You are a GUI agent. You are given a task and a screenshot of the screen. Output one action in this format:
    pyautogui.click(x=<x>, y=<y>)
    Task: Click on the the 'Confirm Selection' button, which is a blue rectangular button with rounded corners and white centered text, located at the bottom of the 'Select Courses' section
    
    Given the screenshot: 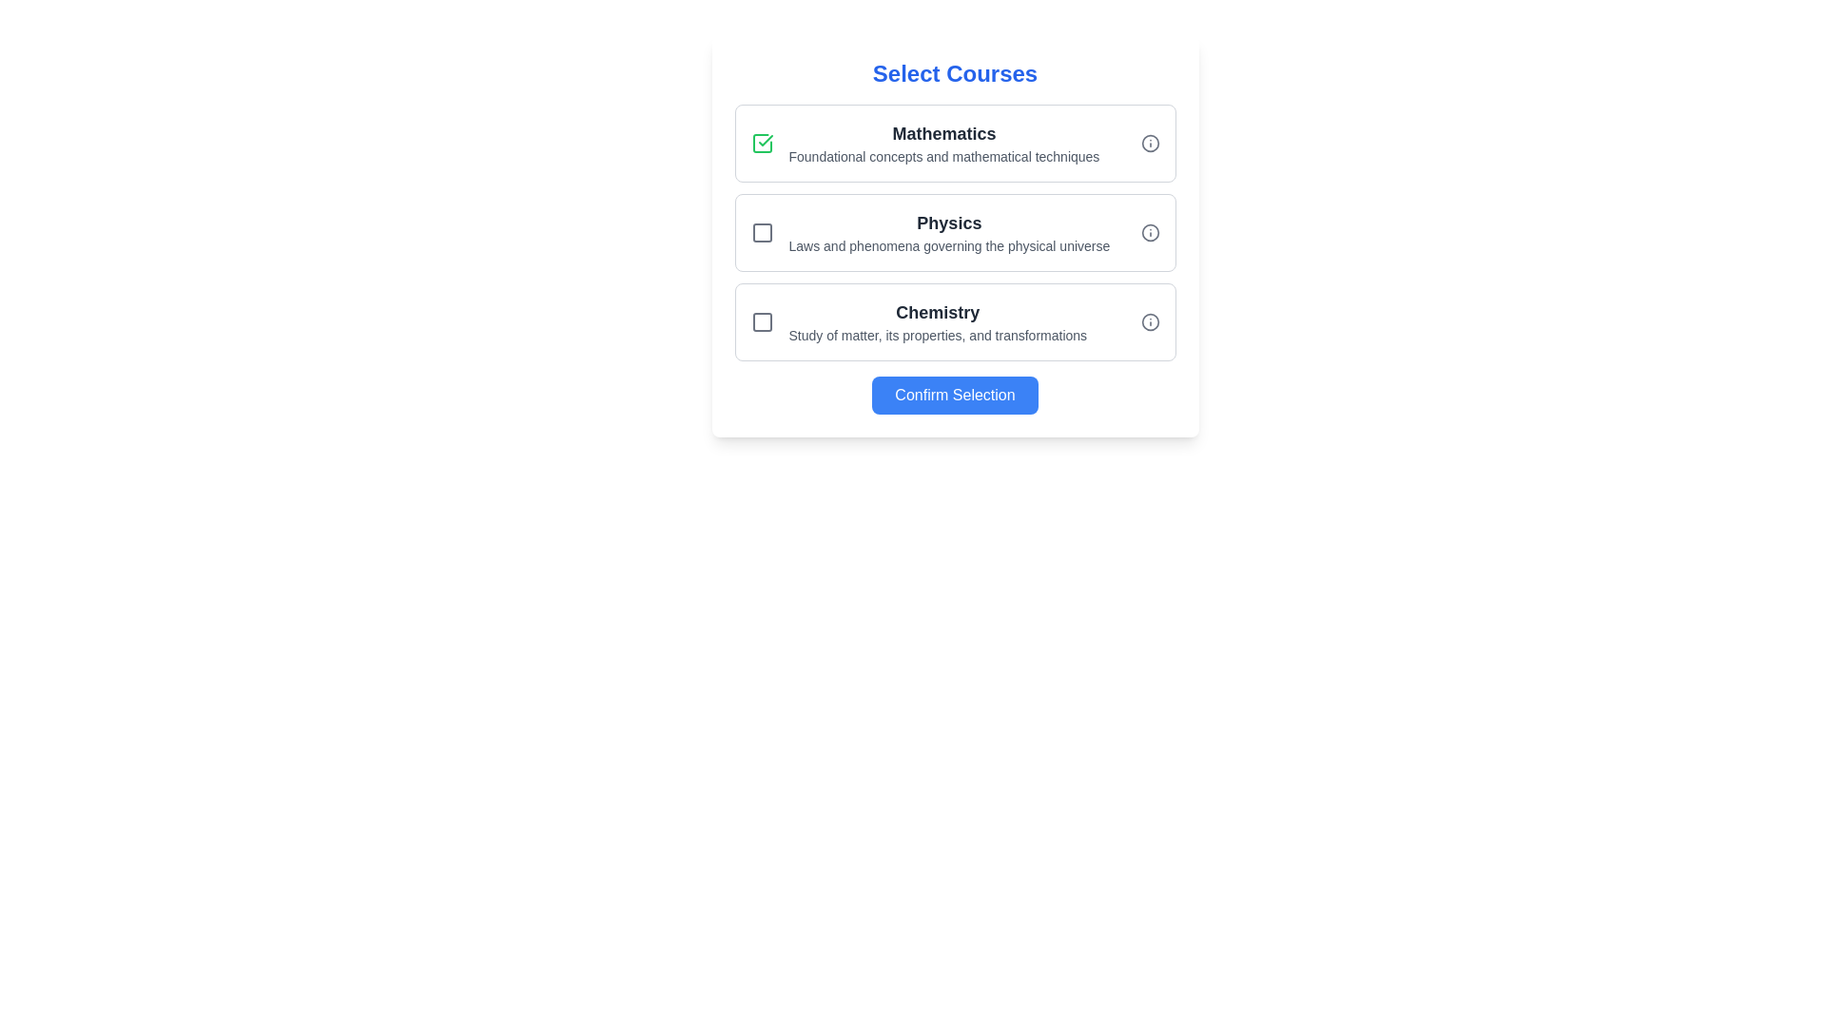 What is the action you would take?
    pyautogui.click(x=955, y=395)
    